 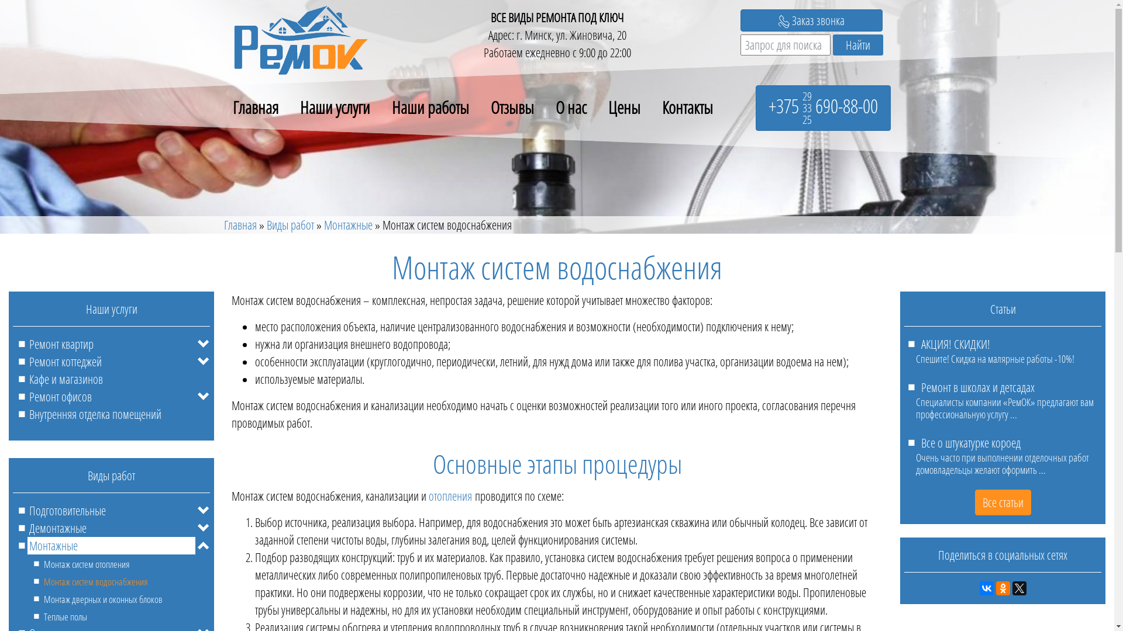 What do you see at coordinates (1018, 588) in the screenshot?
I see `'Twitter'` at bounding box center [1018, 588].